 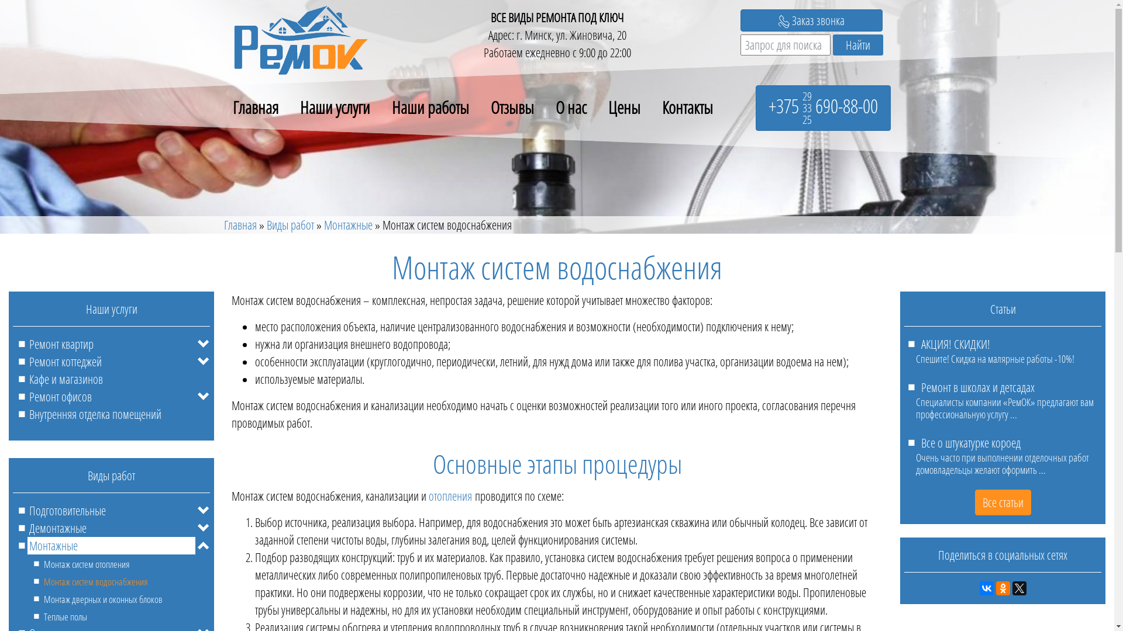 What do you see at coordinates (1018, 588) in the screenshot?
I see `'Twitter'` at bounding box center [1018, 588].